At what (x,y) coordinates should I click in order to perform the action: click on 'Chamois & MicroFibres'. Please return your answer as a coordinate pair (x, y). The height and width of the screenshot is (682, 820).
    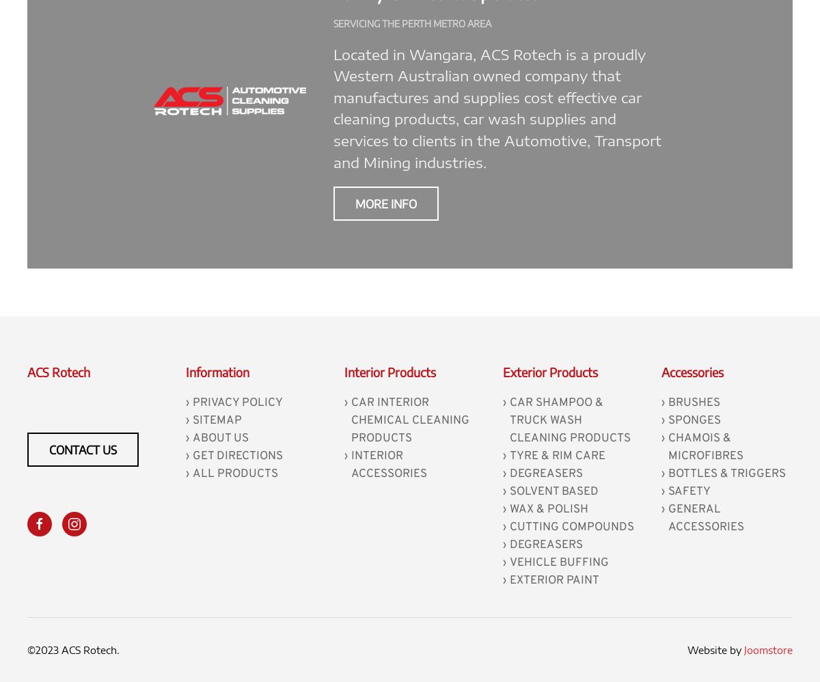
    Looking at the image, I should click on (668, 446).